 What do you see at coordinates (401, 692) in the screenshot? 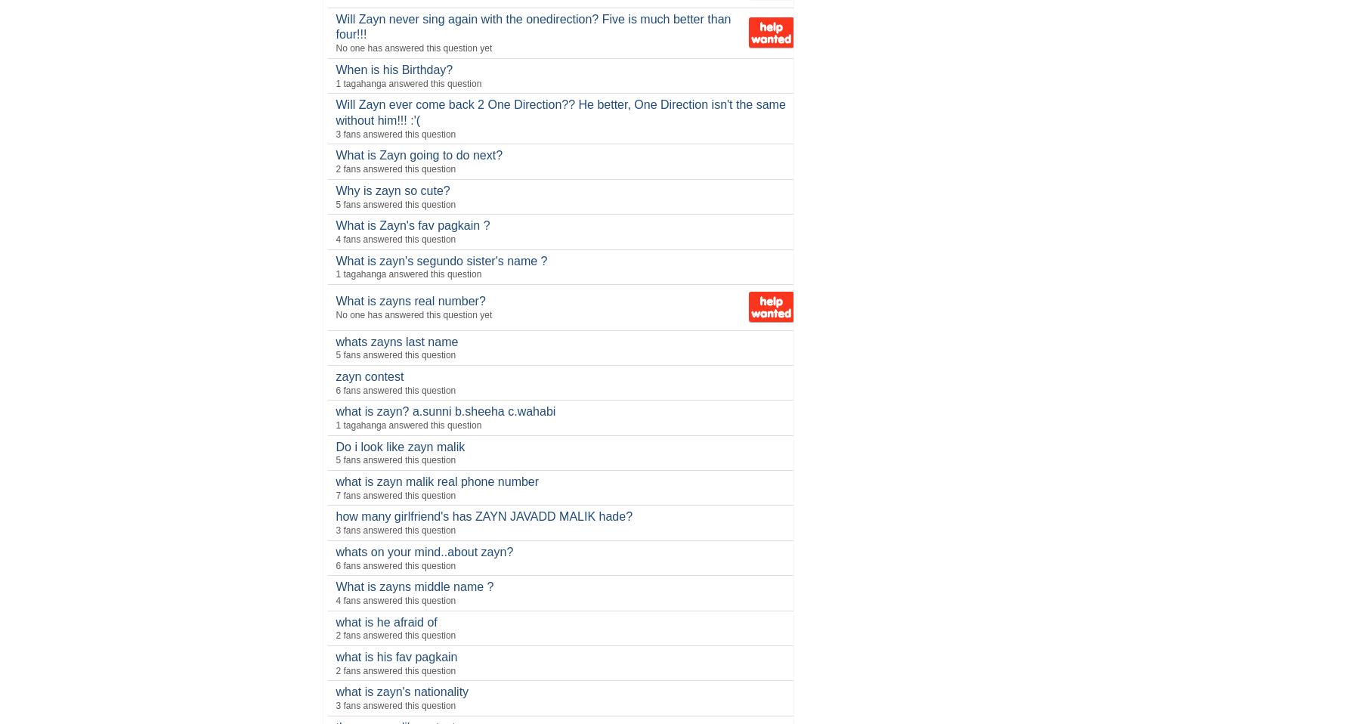
I see `'what is zayn's nationality'` at bounding box center [401, 692].